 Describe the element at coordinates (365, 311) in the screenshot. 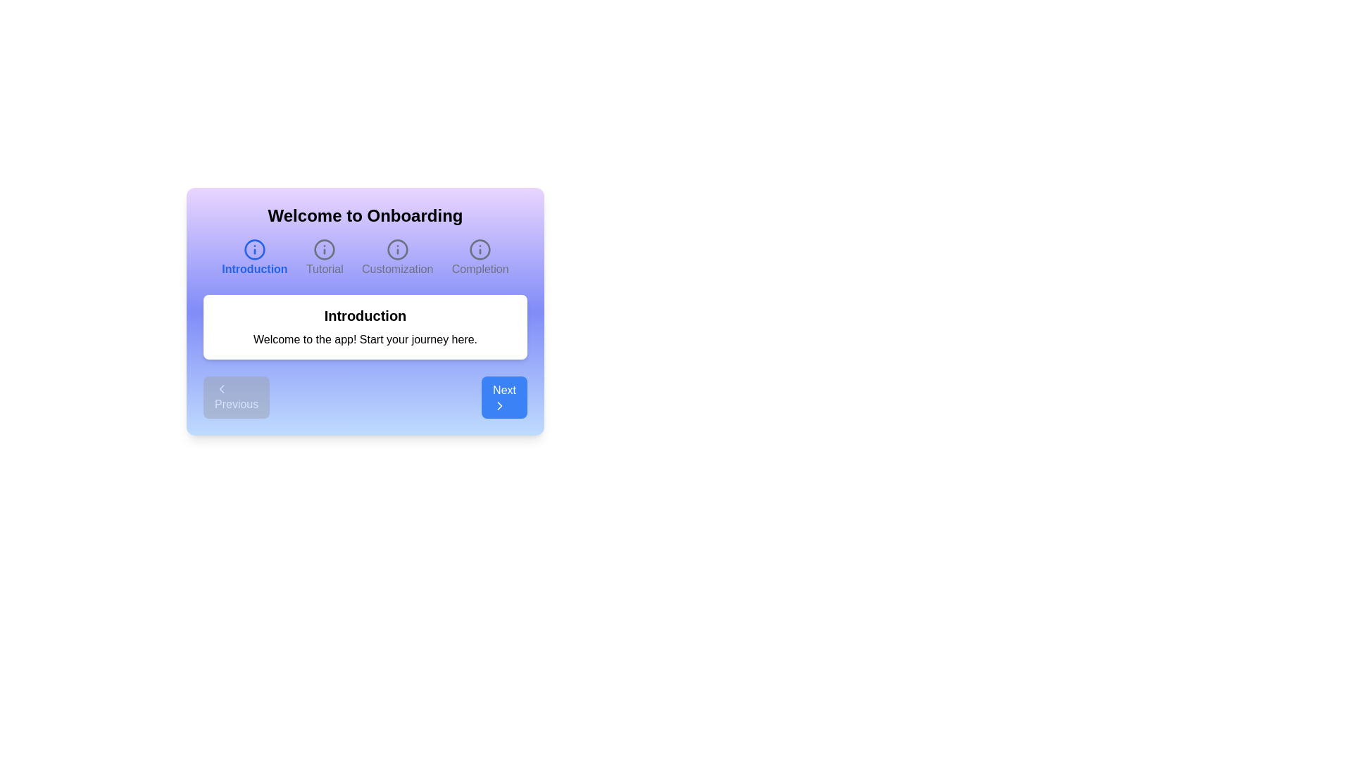

I see `the Informational panel located centrally below the navigation tabs, which introduces the user to the application and starts the onboarding process` at that location.